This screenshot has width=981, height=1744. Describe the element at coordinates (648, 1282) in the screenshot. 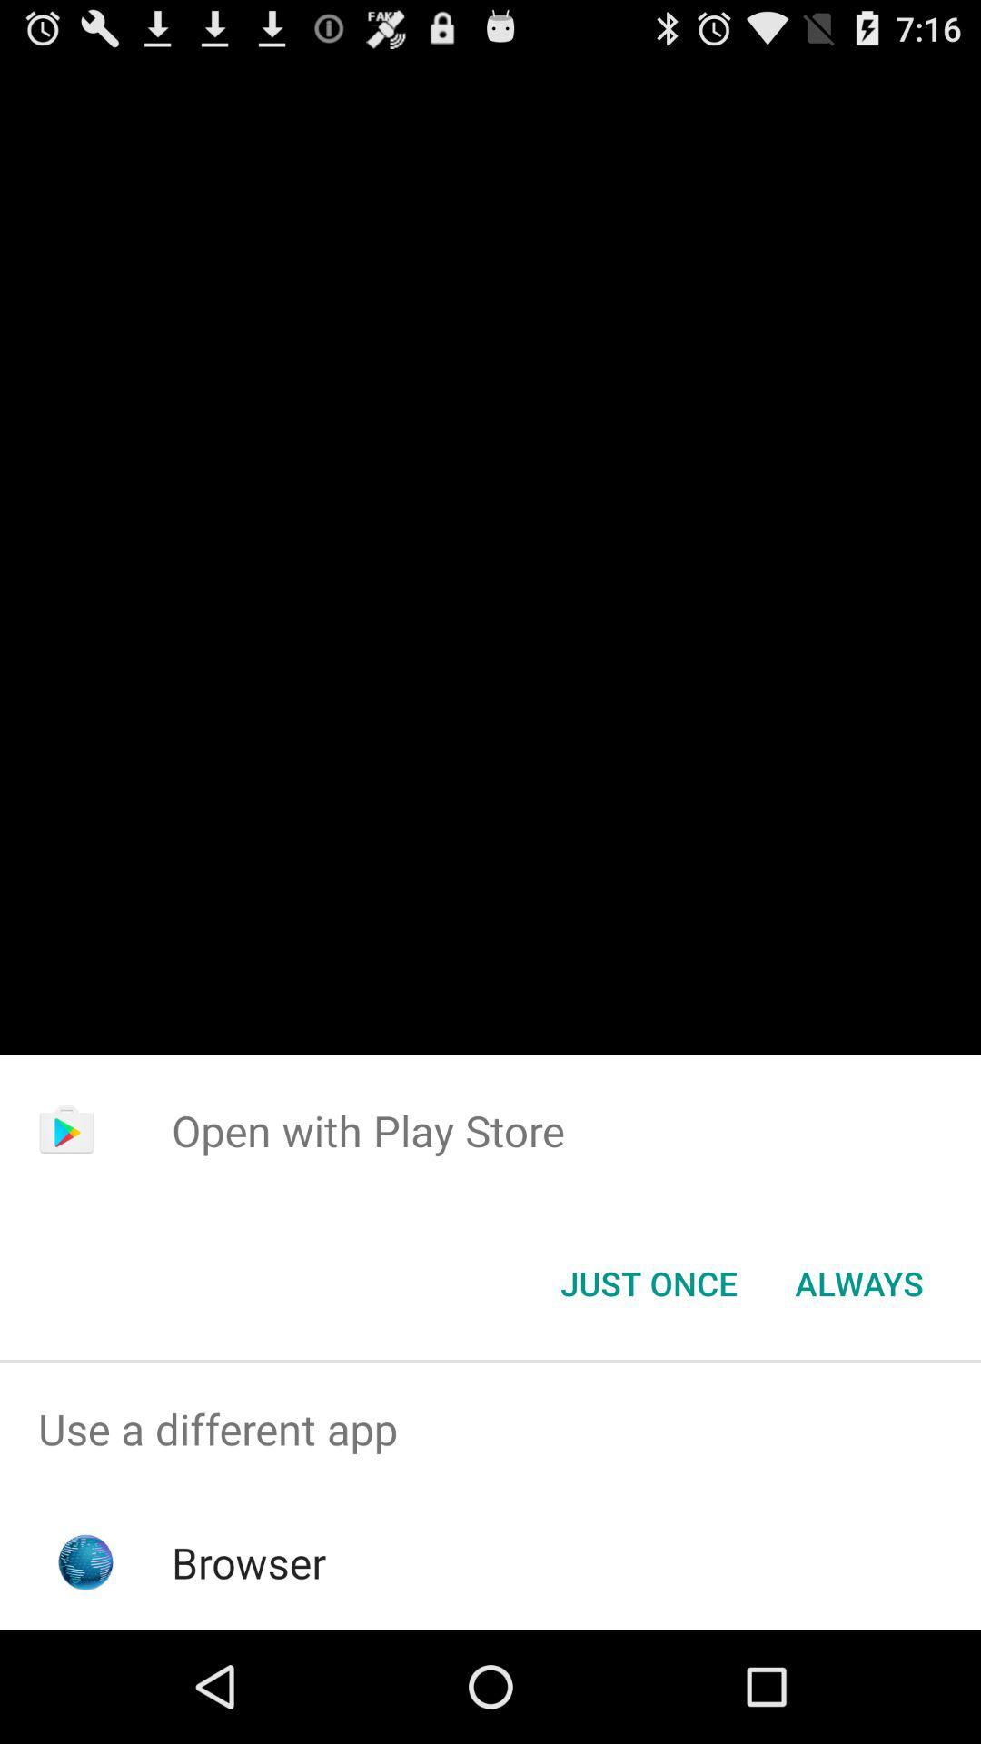

I see `just once icon` at that location.